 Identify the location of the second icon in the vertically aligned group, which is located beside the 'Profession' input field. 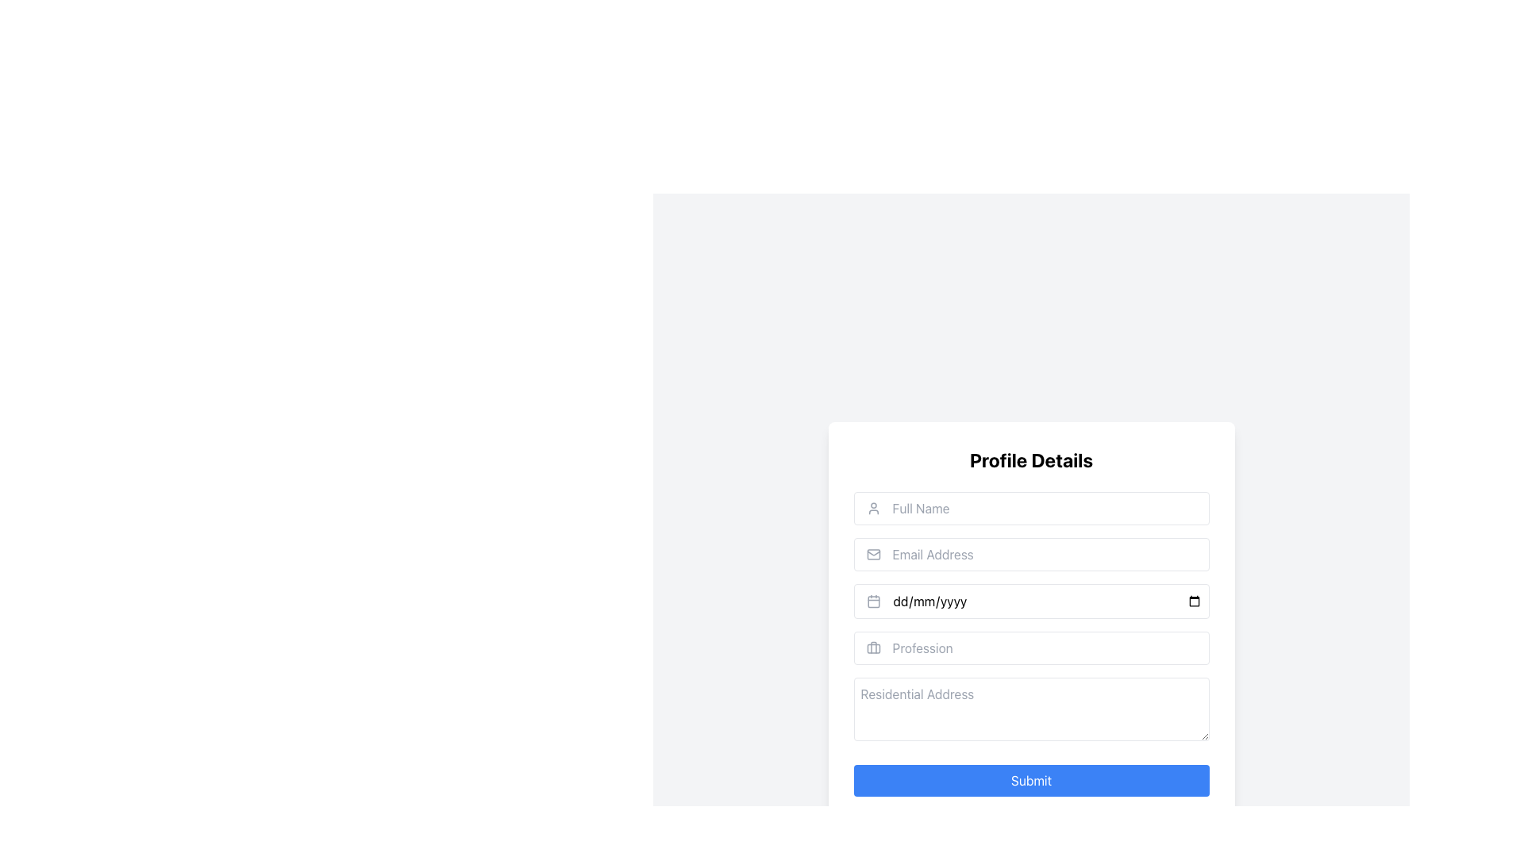
(872, 648).